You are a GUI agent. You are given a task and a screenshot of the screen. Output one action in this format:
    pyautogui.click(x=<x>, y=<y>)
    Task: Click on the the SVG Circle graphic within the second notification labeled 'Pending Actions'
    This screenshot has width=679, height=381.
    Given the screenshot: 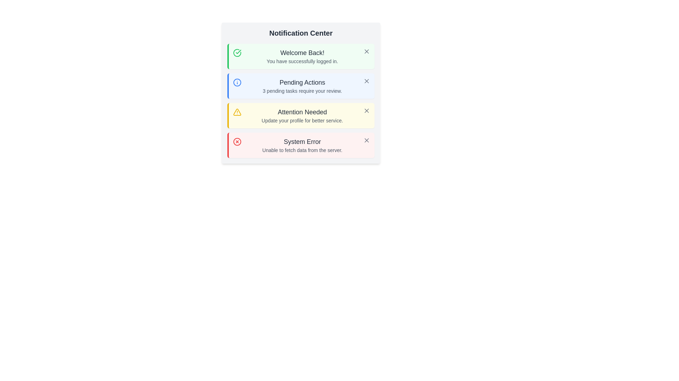 What is the action you would take?
    pyautogui.click(x=237, y=82)
    